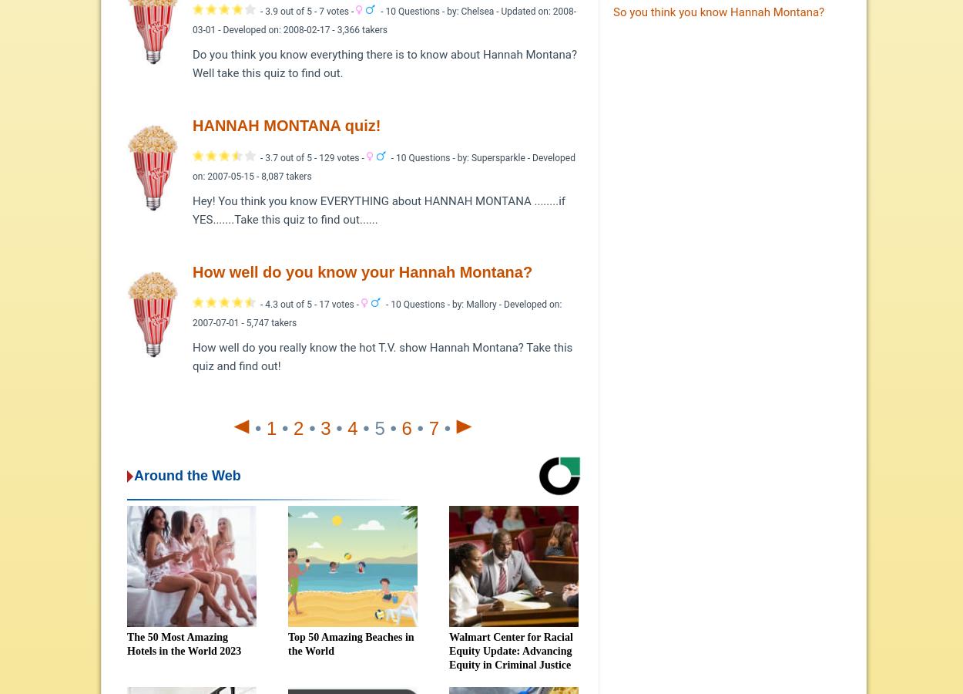 The width and height of the screenshot is (963, 694). Describe the element at coordinates (298, 426) in the screenshot. I see `'2'` at that location.